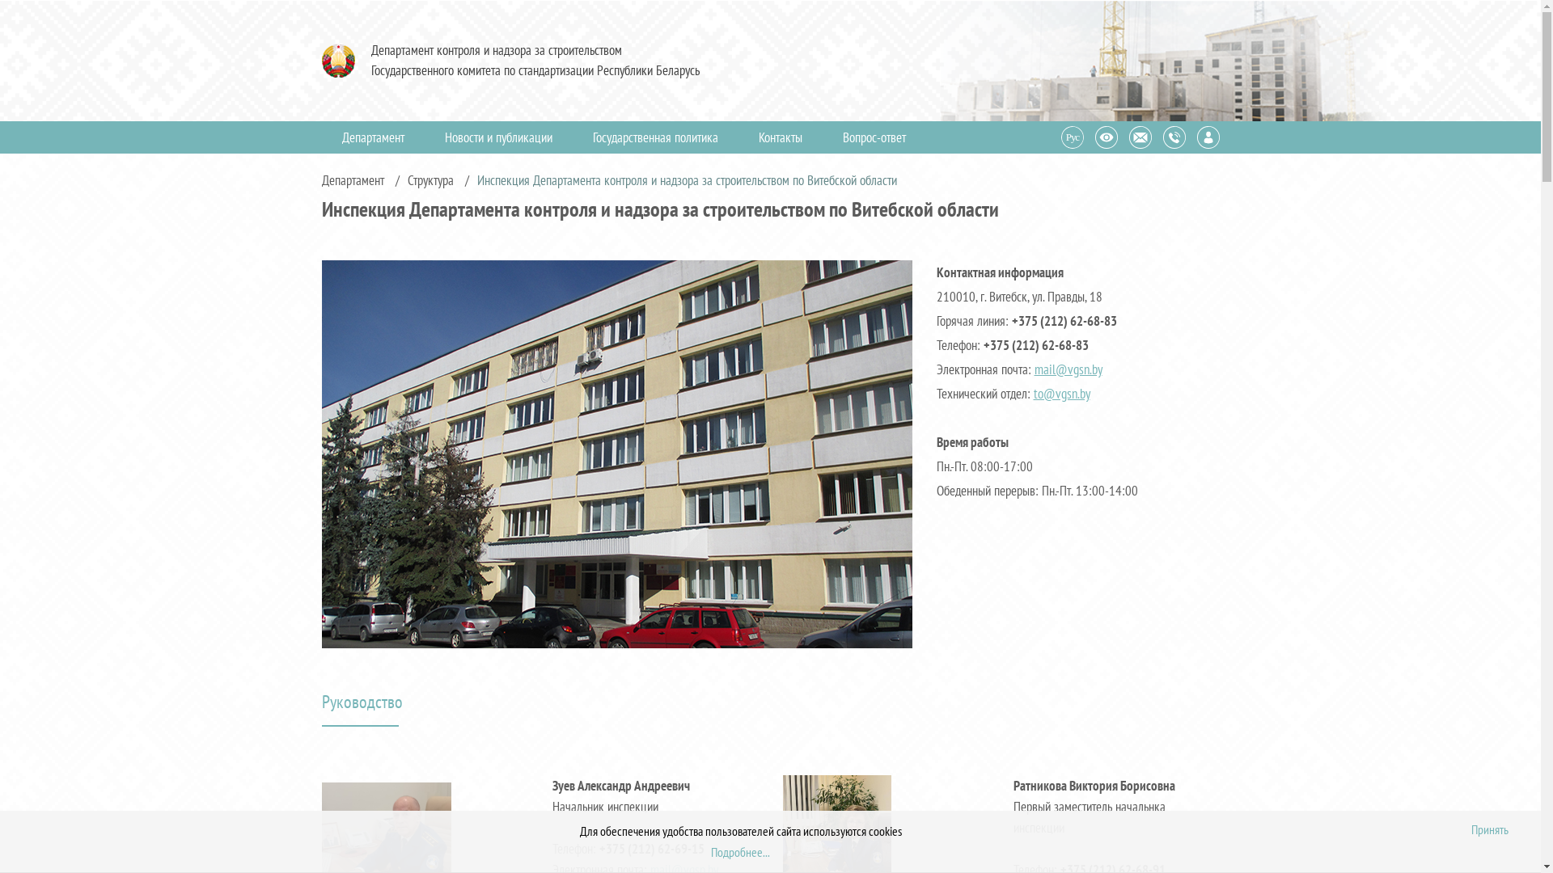 Image resolution: width=1553 pixels, height=873 pixels. What do you see at coordinates (1032, 369) in the screenshot?
I see `'mail@vgsn.by'` at bounding box center [1032, 369].